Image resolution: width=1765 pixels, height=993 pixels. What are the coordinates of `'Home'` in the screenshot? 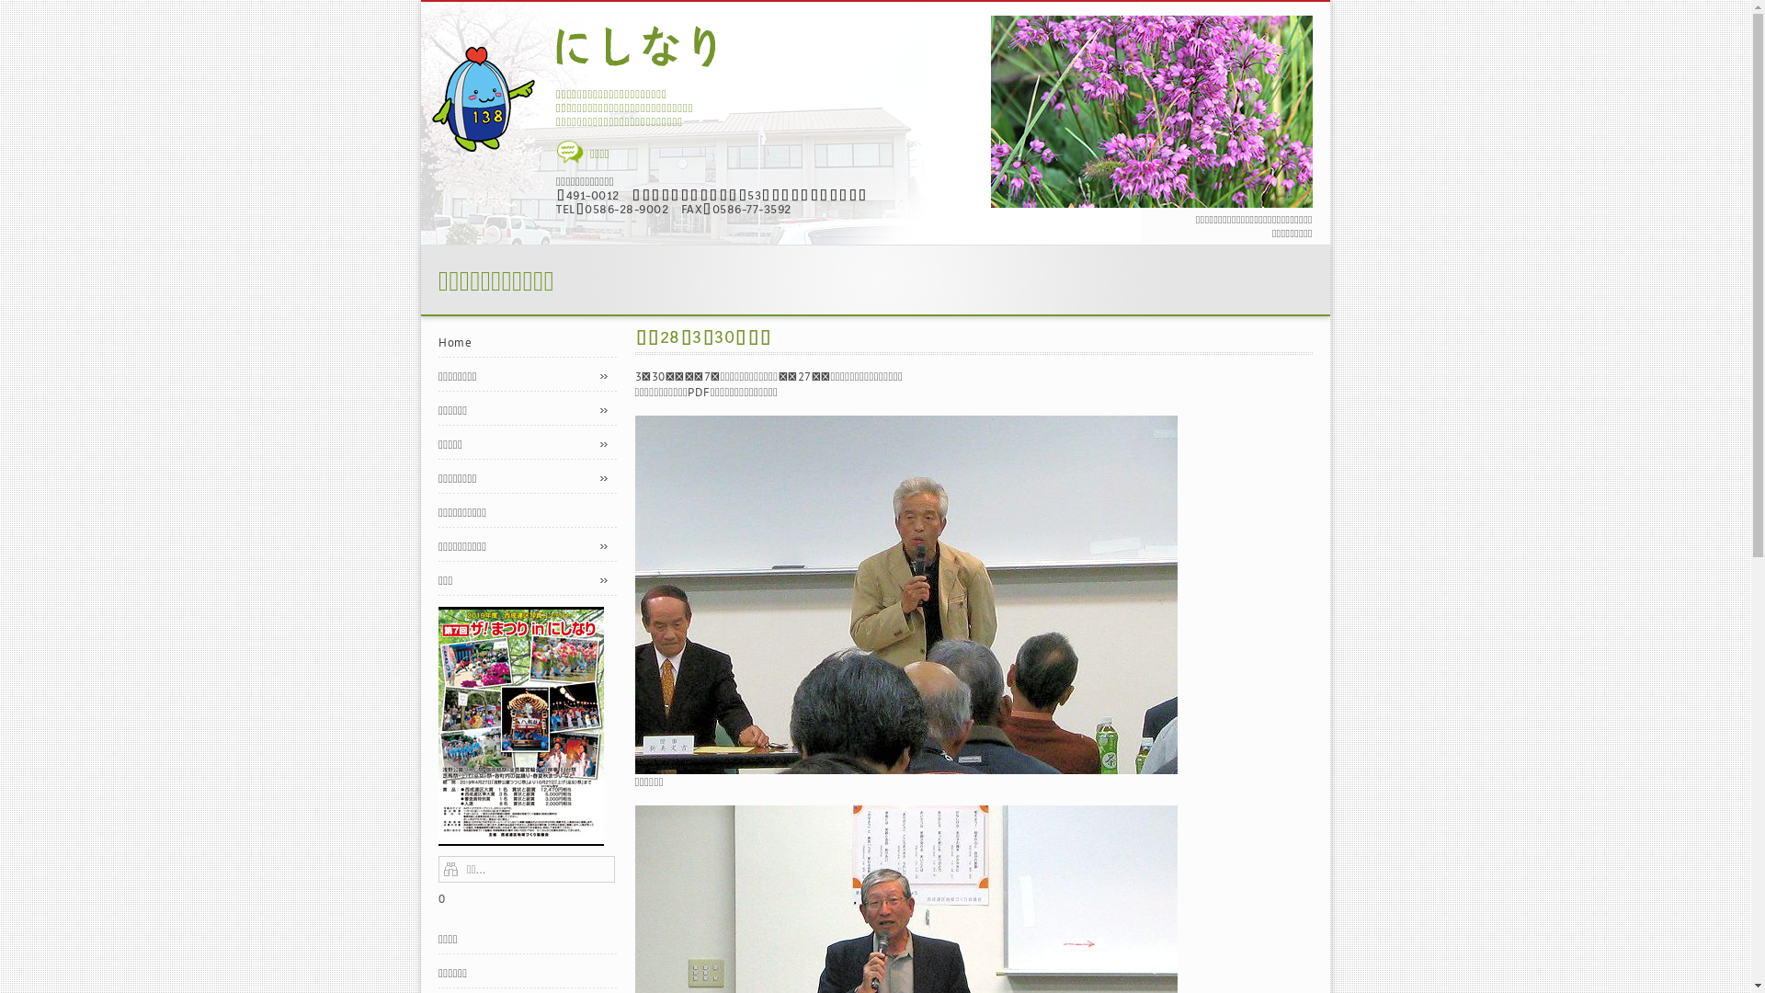 It's located at (527, 342).